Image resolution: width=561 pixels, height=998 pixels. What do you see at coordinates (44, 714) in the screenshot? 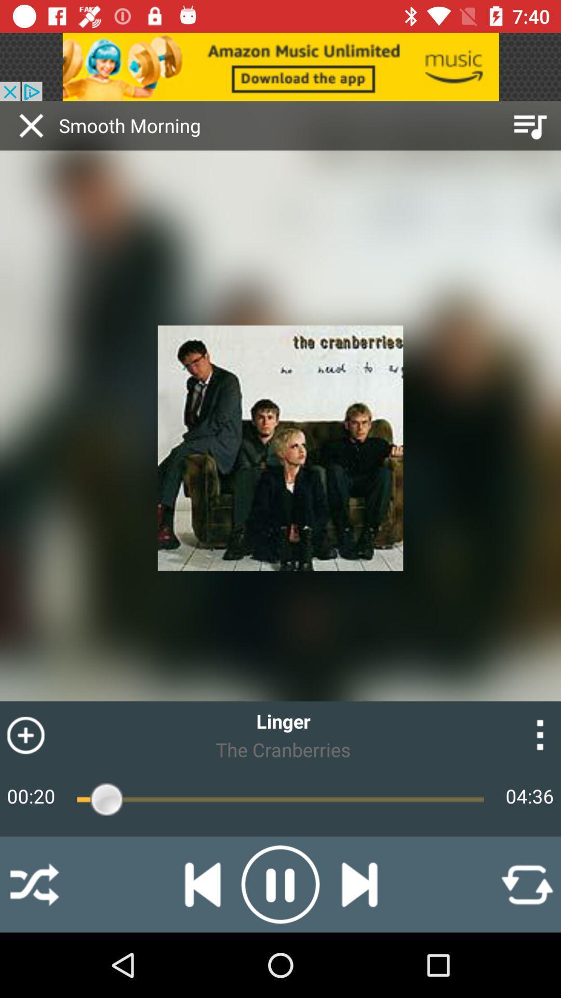
I see `symbol` at bounding box center [44, 714].